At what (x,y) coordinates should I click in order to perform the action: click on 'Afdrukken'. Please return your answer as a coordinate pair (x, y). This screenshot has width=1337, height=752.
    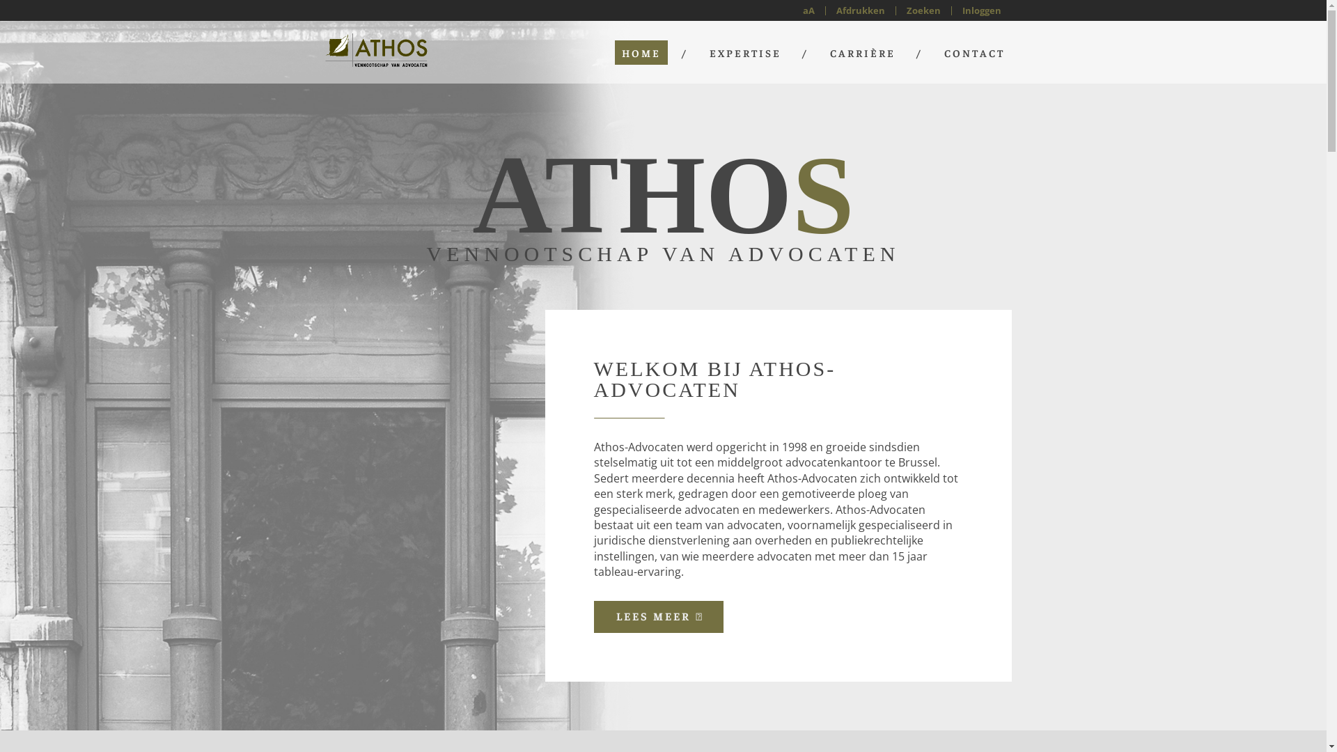
    Looking at the image, I should click on (860, 10).